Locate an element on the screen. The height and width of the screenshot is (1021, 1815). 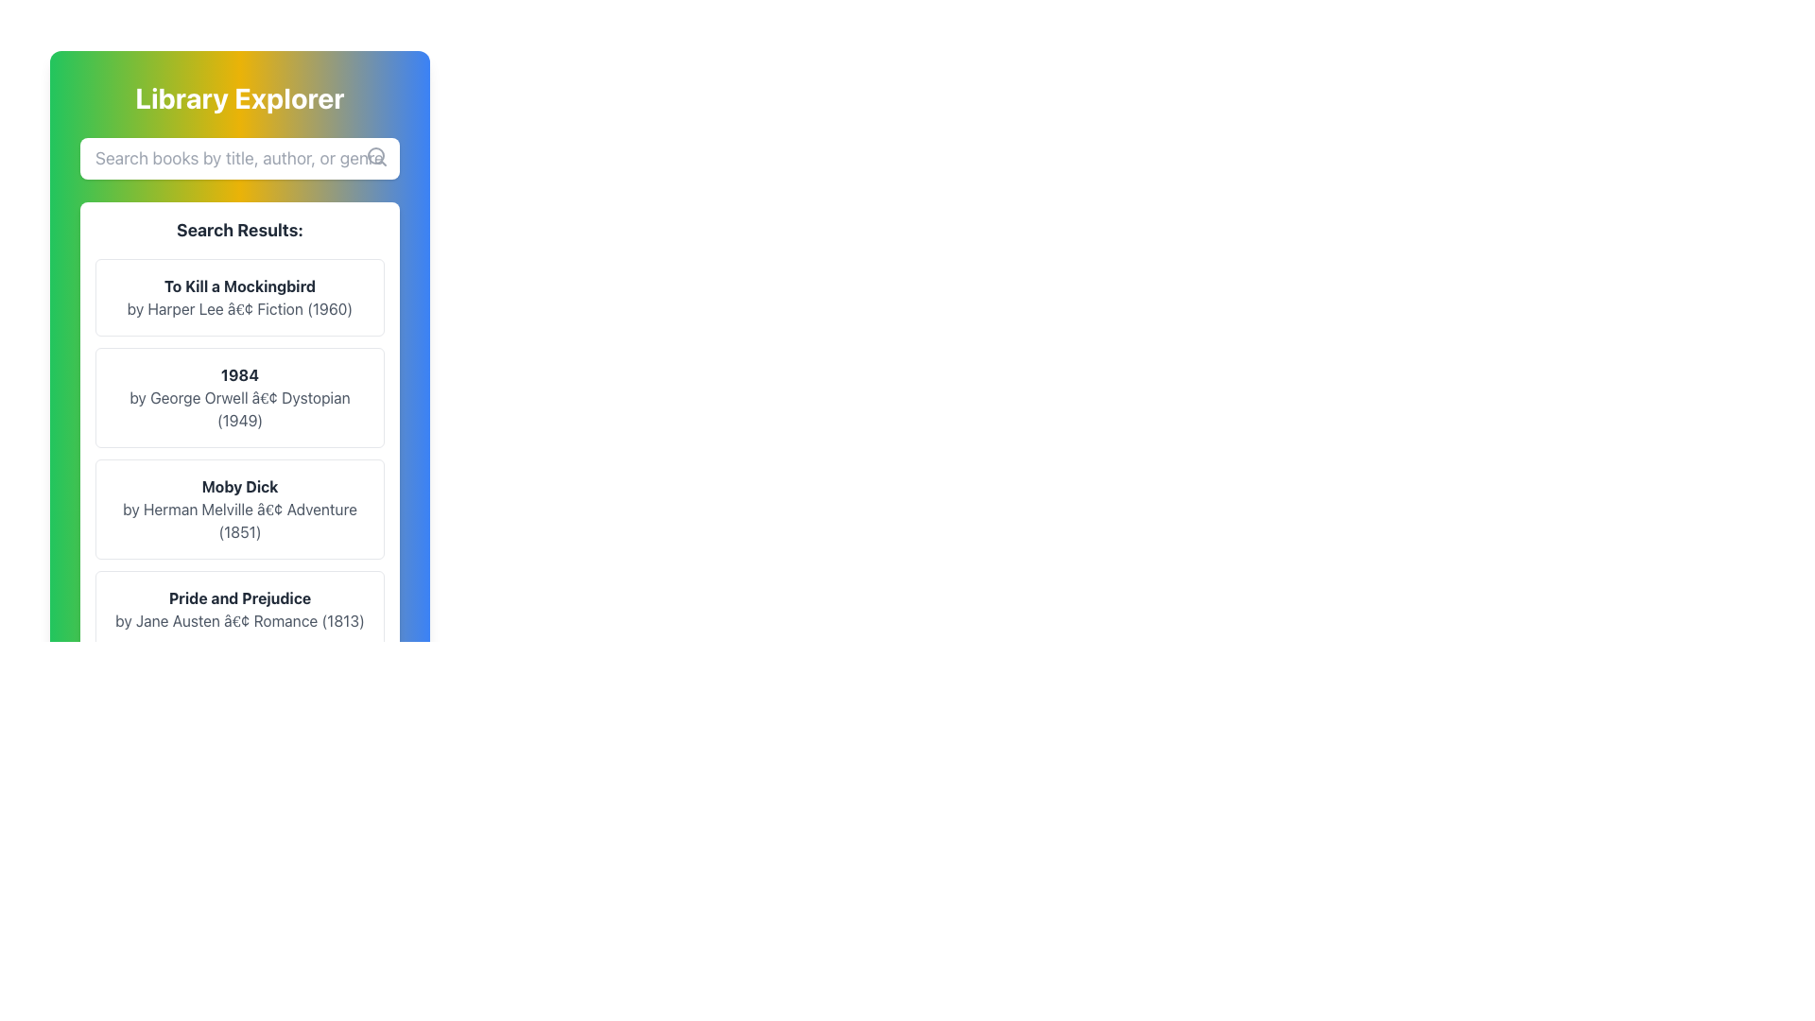
the text label containing metadata about the book 'Moby Dick', which is located under the 'Search Results' section, directly below the title 'Moby Dick' is located at coordinates (239, 521).